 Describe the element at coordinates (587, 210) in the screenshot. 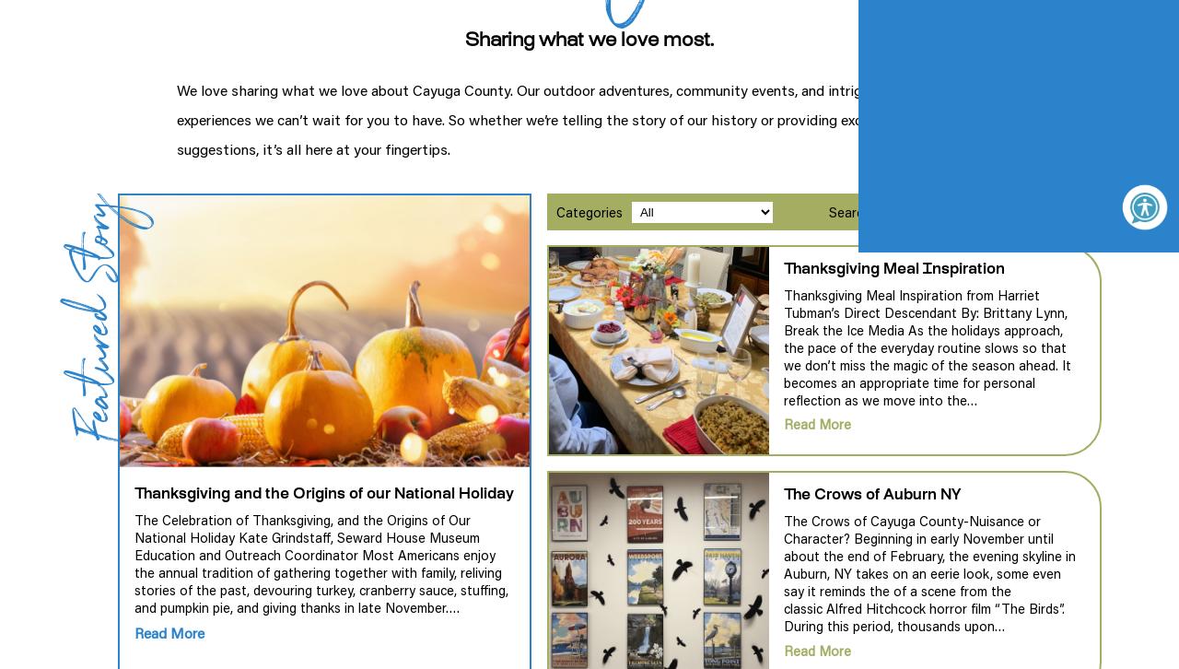

I see `'Categories'` at that location.